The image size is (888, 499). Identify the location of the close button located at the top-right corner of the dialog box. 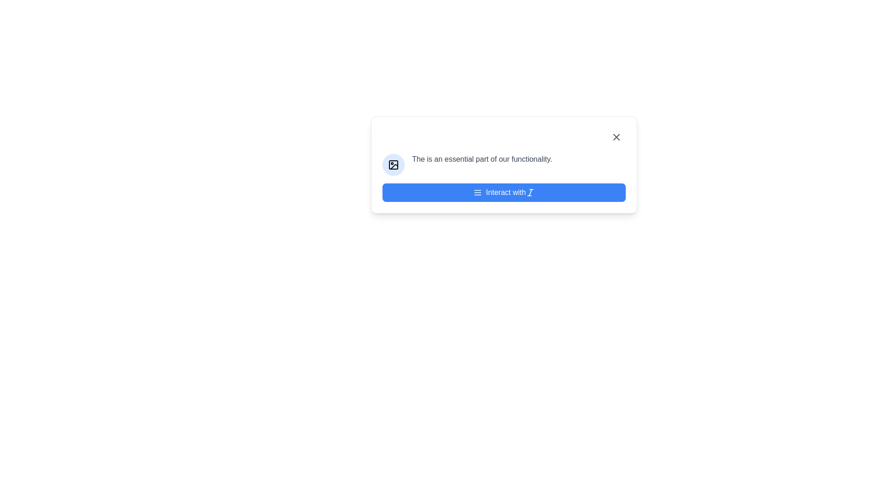
(617, 137).